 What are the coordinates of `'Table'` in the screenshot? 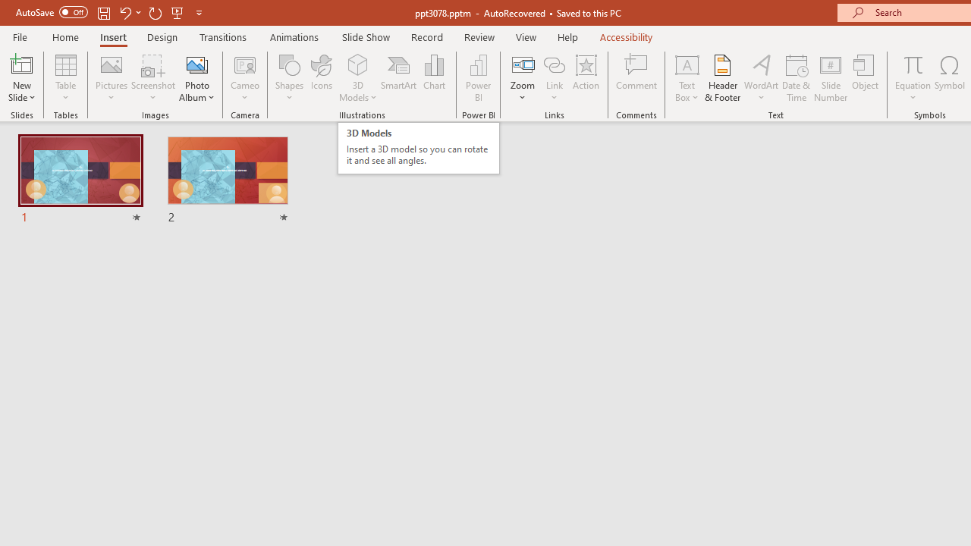 It's located at (65, 78).